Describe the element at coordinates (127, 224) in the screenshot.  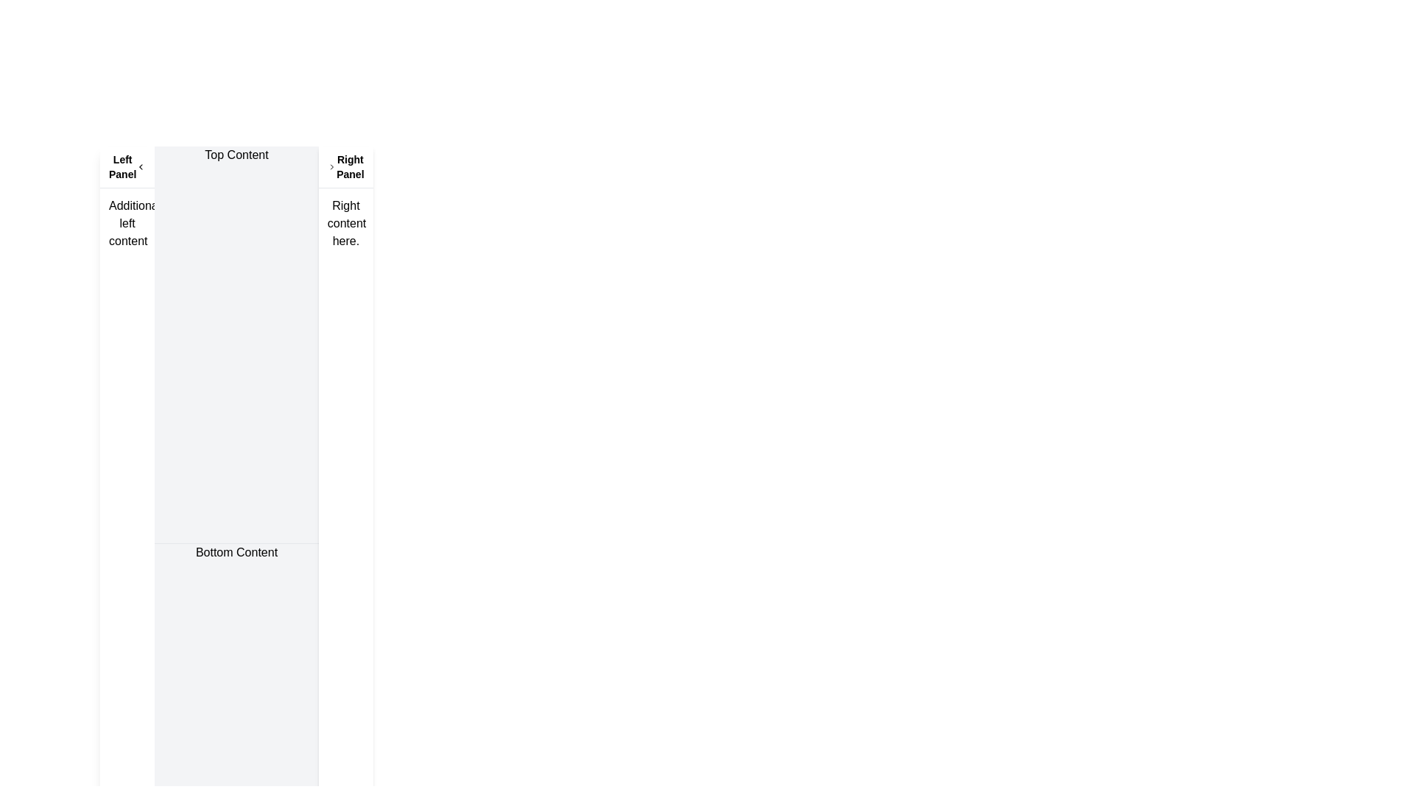
I see `the non-interactive text block positioned in the left panel, which provides additional information beneath the header 'Left Panel'` at that location.